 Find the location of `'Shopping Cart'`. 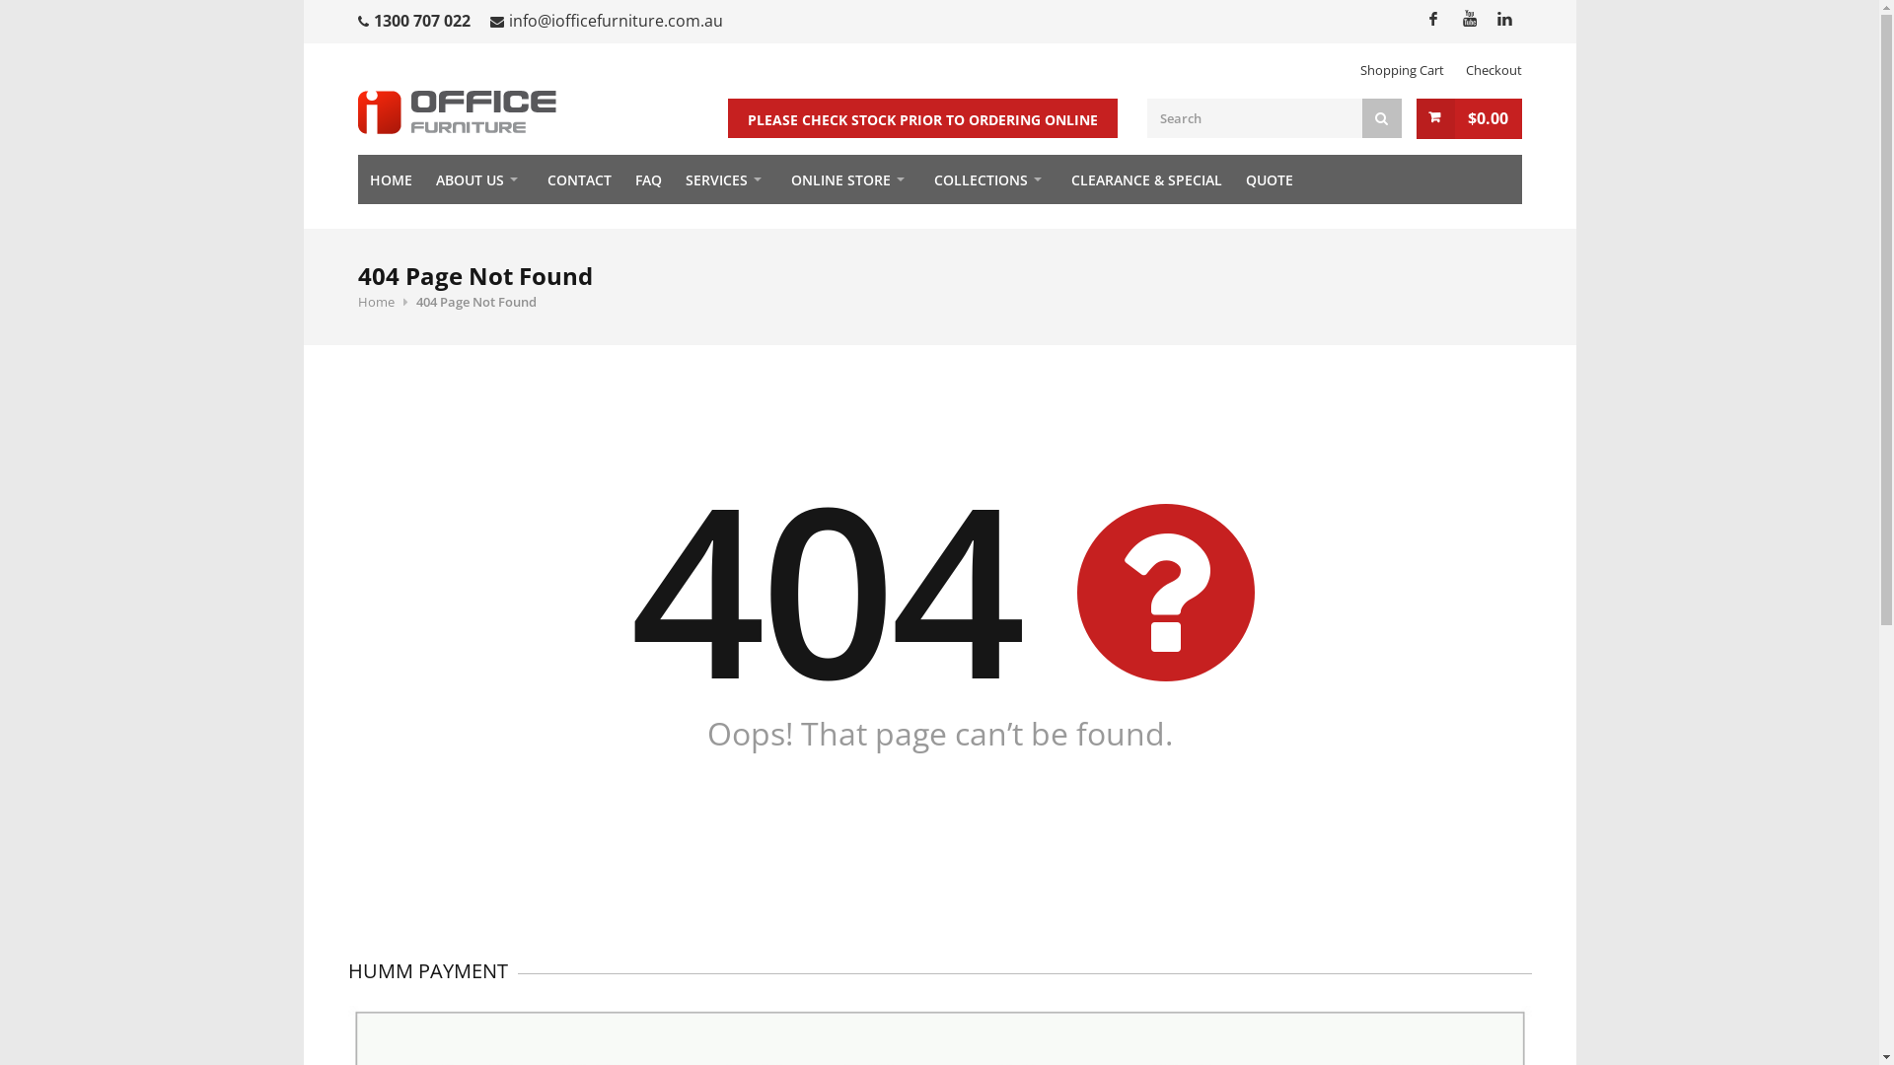

'Shopping Cart' is located at coordinates (1400, 68).